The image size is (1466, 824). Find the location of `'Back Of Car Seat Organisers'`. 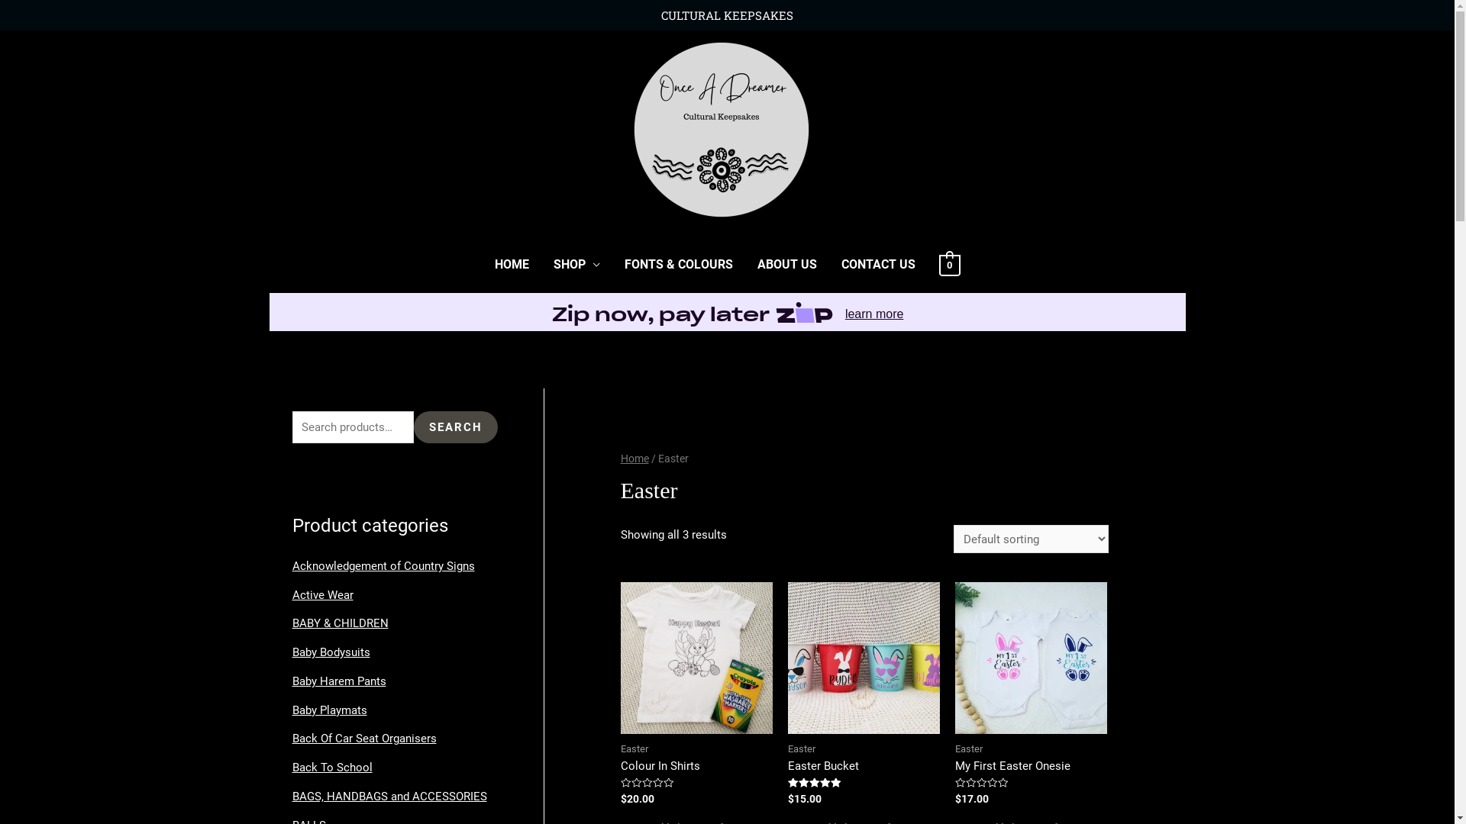

'Back Of Car Seat Organisers' is located at coordinates (363, 738).